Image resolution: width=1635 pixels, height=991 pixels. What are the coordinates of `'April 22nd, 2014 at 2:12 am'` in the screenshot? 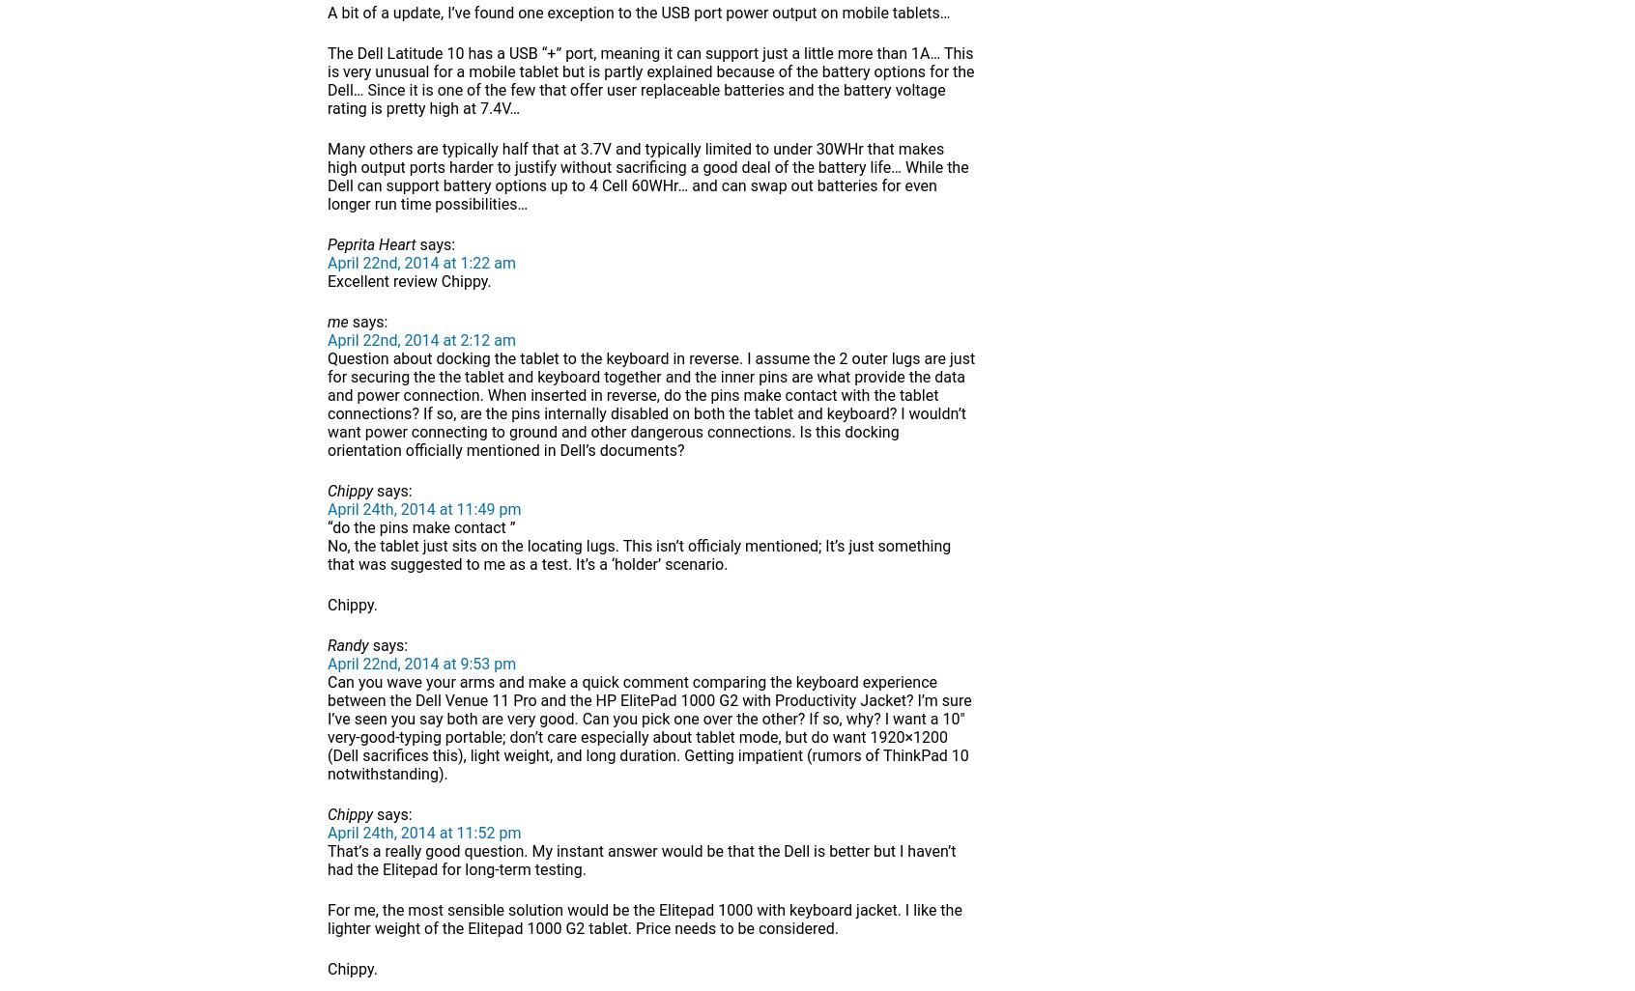 It's located at (420, 340).